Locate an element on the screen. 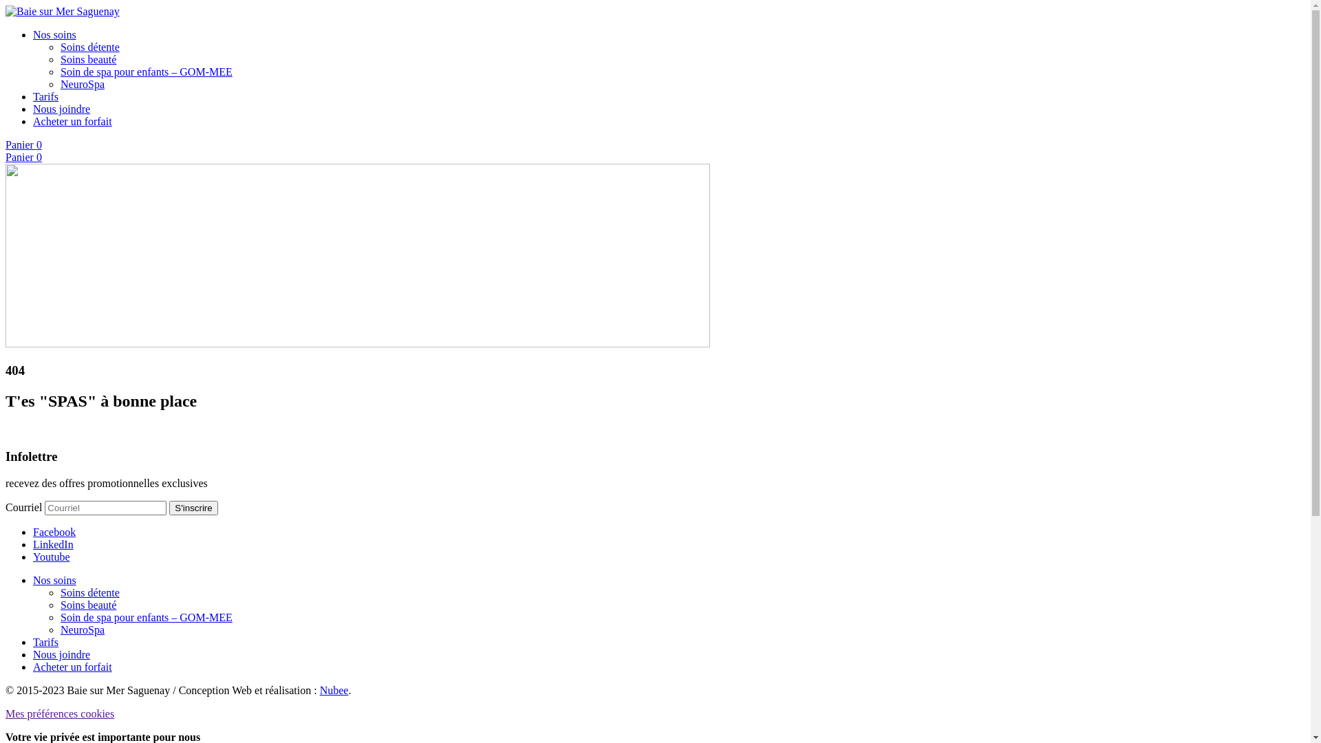 This screenshot has width=1321, height=743. 'Acheter un forfait' is located at coordinates (72, 120).